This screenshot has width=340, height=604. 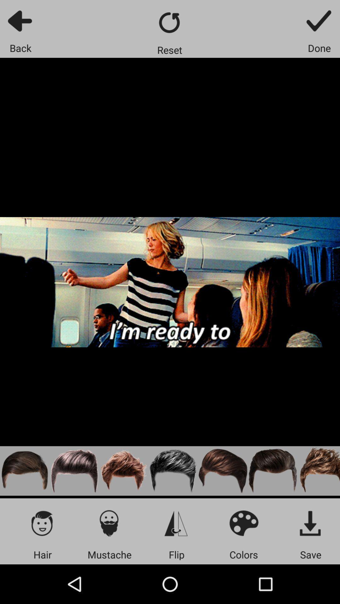 What do you see at coordinates (319, 20) in the screenshot?
I see `finish selection` at bounding box center [319, 20].